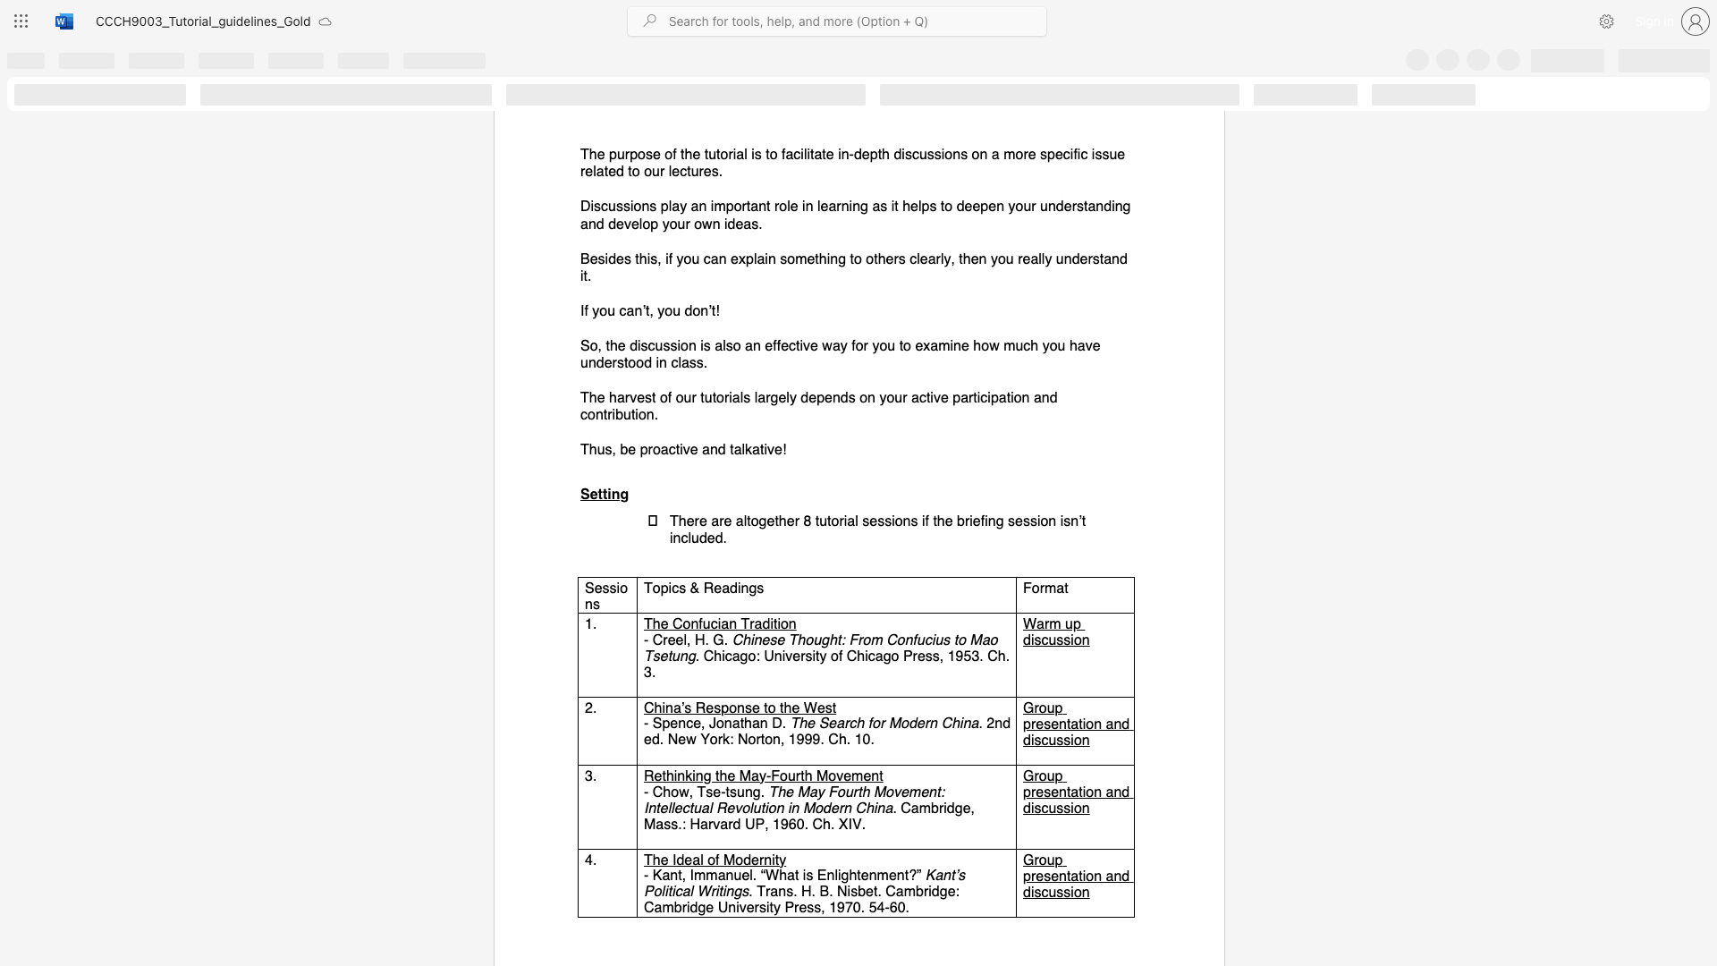  What do you see at coordinates (630, 309) in the screenshot?
I see `the 1th character "a" in the text` at bounding box center [630, 309].